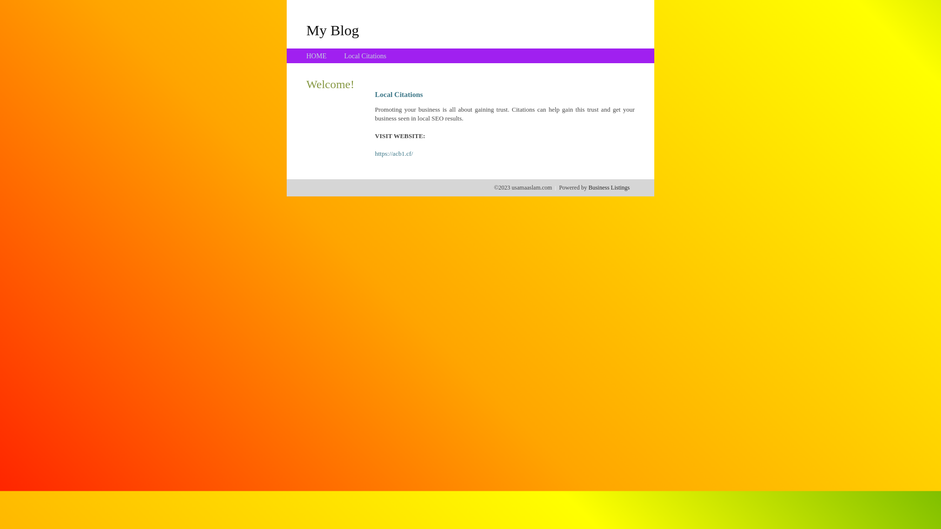  Describe the element at coordinates (394, 153) in the screenshot. I see `'https://acb1.cf/'` at that location.